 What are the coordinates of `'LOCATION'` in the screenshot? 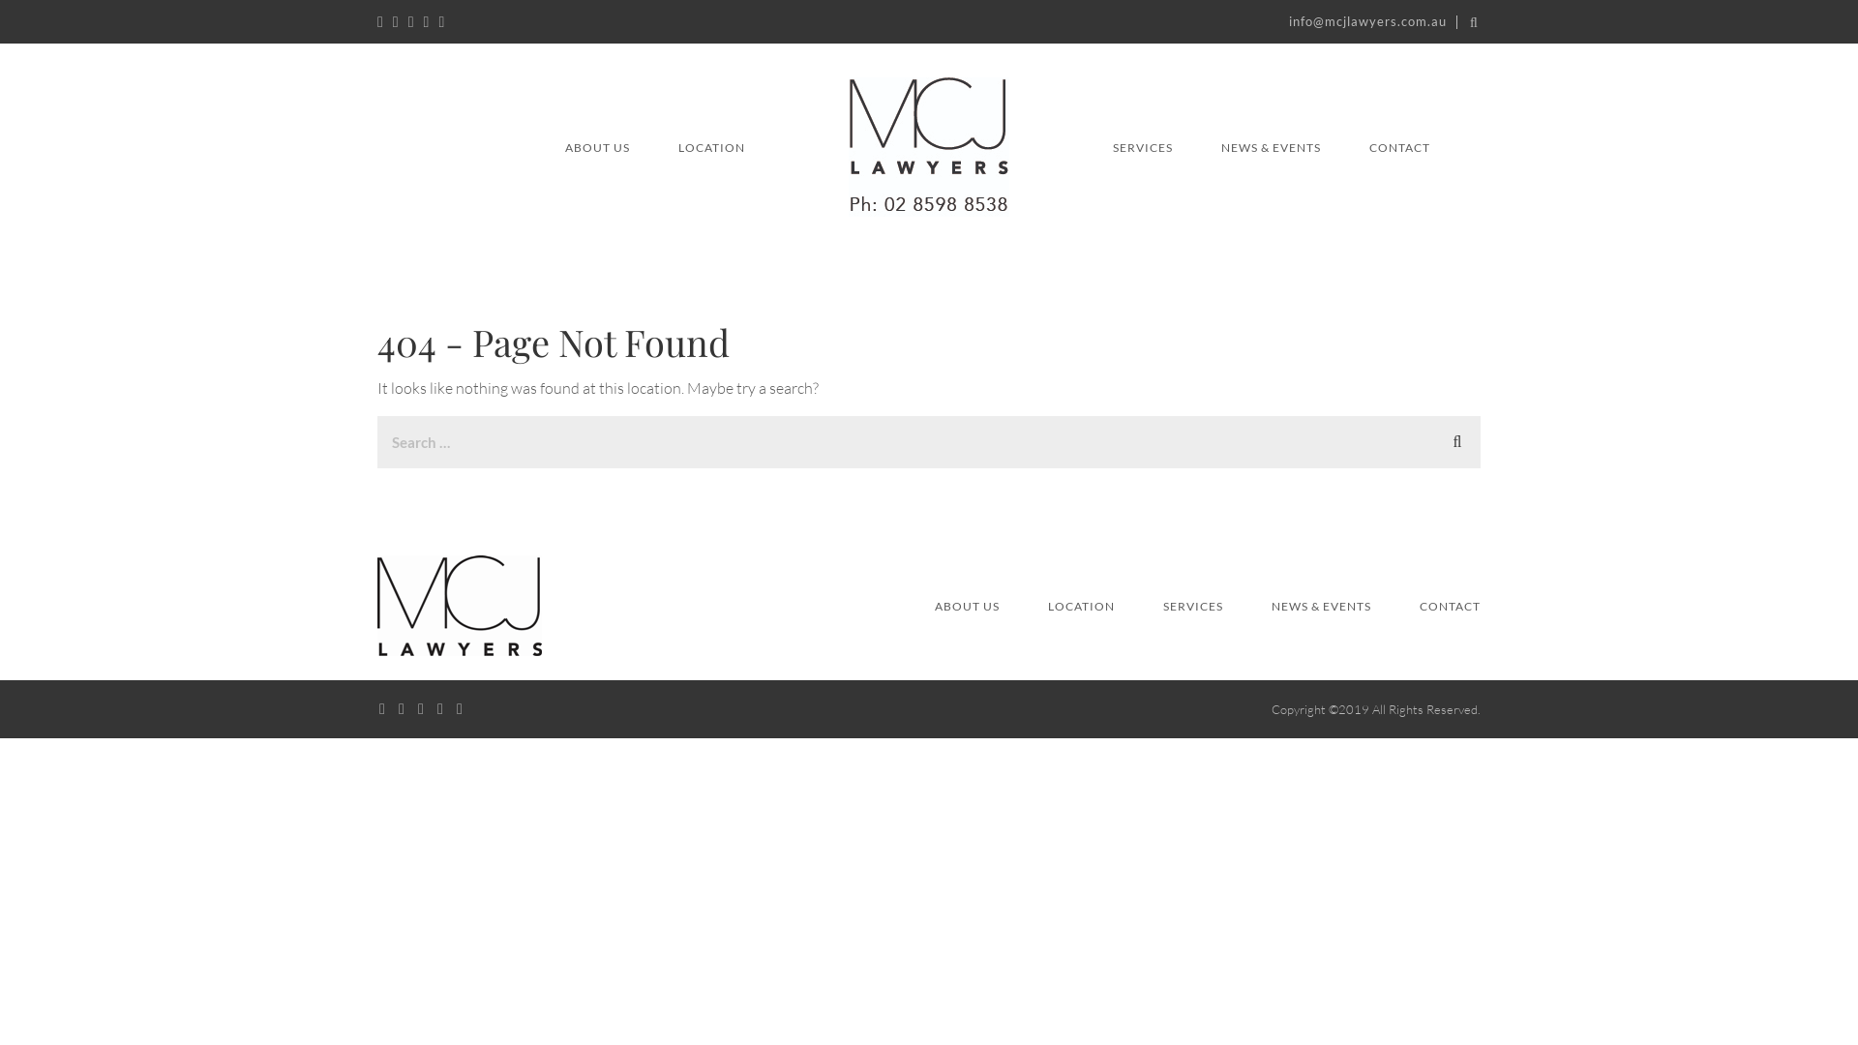 It's located at (1080, 606).